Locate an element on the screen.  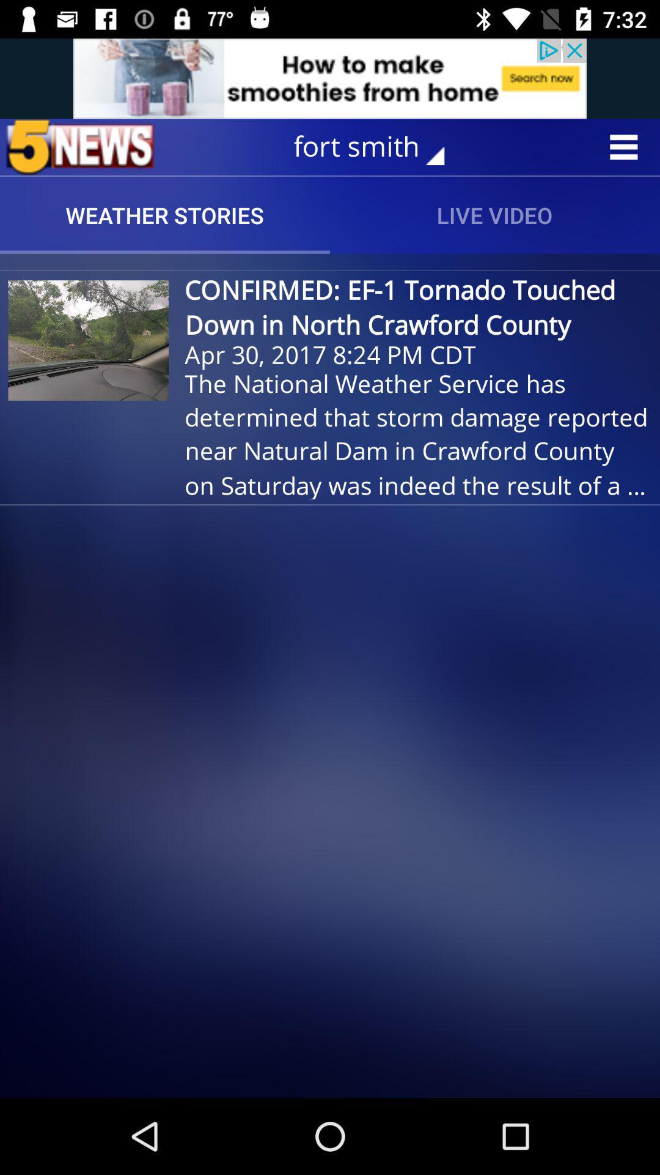
the 5 news is located at coordinates (80, 147).